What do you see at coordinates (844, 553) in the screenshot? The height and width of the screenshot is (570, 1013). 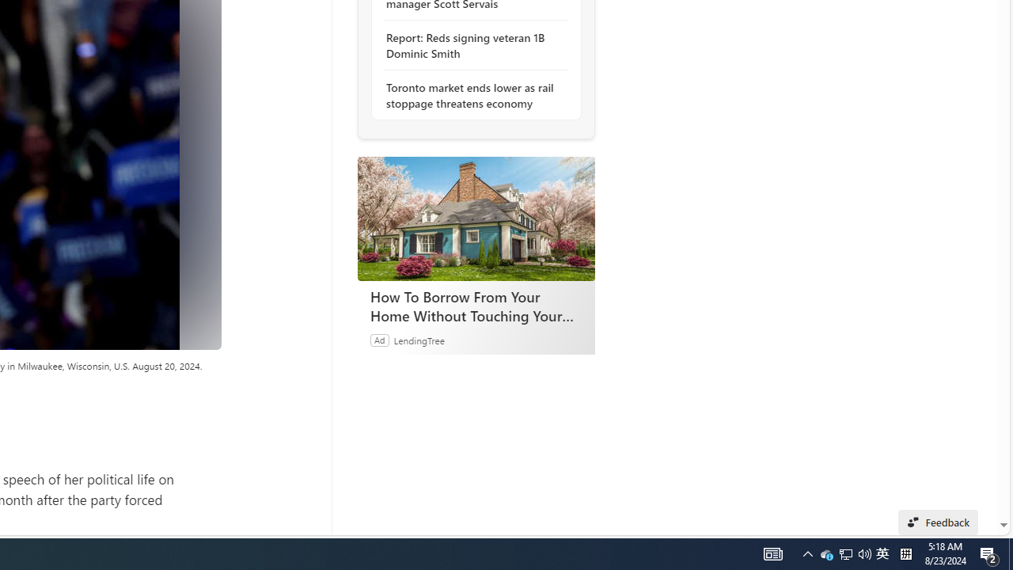 I see `'Notification Chevron'` at bounding box center [844, 553].